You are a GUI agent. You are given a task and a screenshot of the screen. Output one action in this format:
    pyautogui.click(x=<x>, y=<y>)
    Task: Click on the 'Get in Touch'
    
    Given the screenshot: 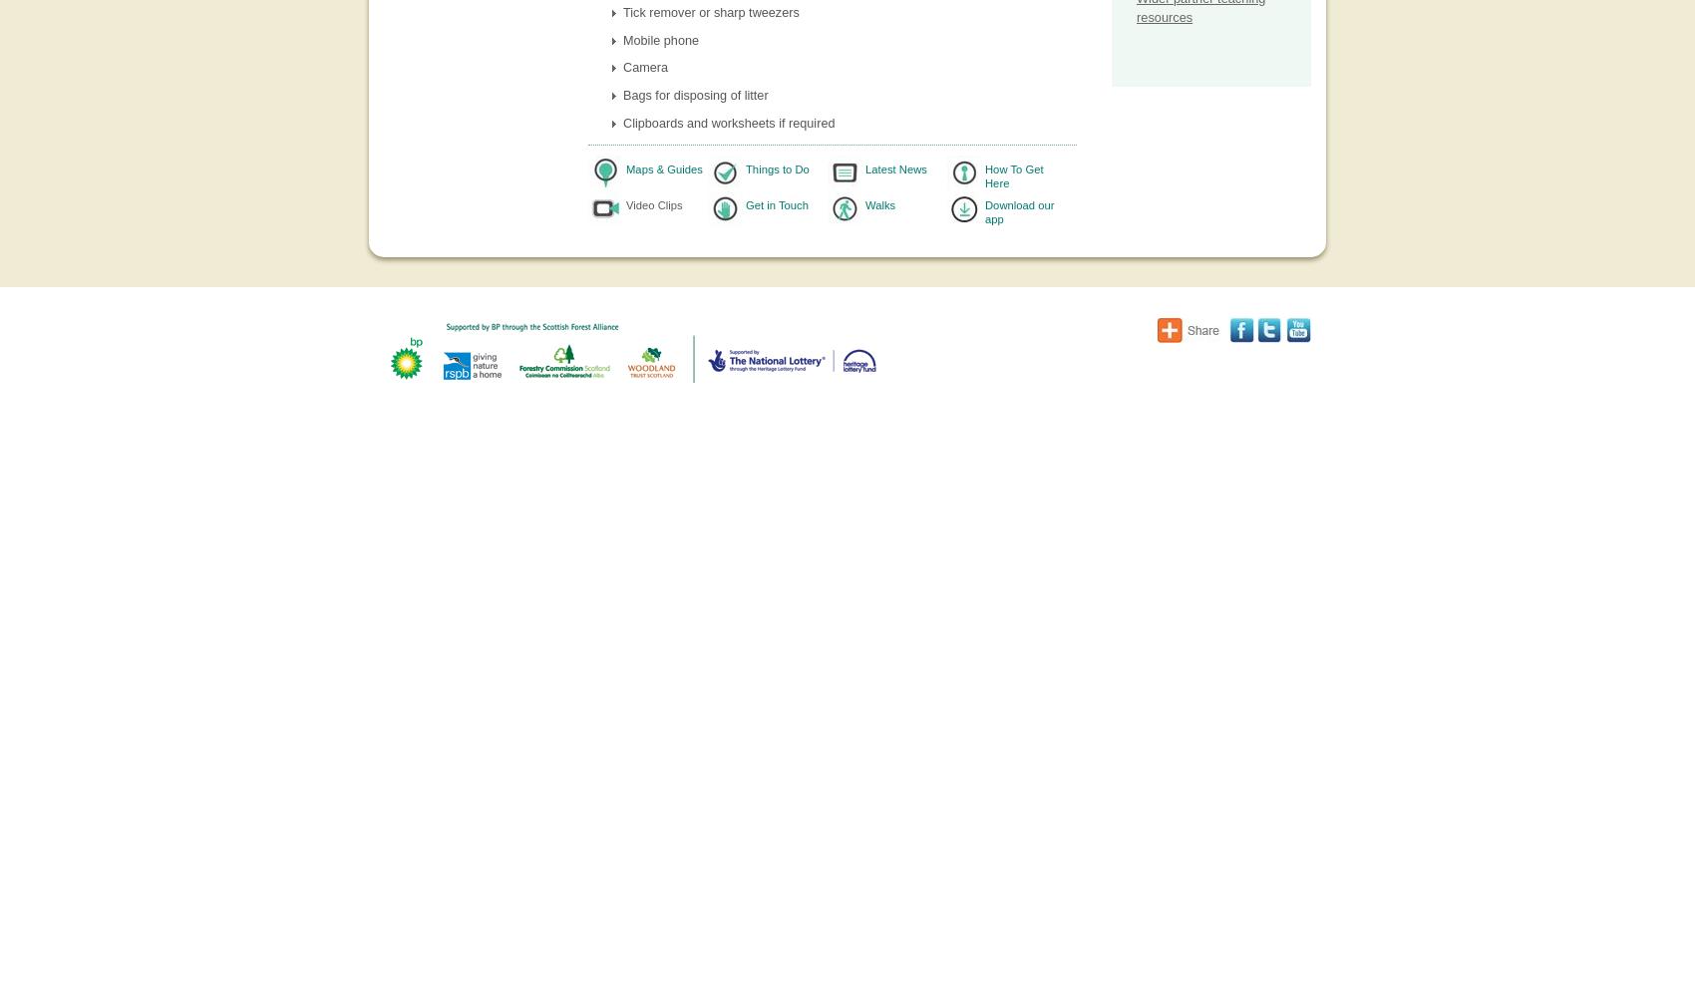 What is the action you would take?
    pyautogui.click(x=775, y=203)
    